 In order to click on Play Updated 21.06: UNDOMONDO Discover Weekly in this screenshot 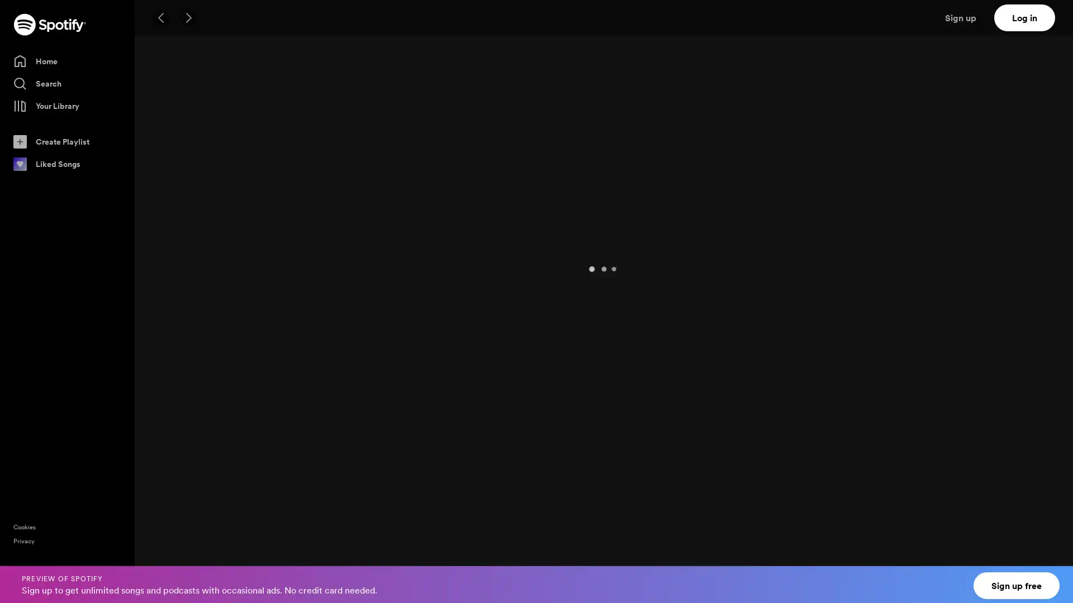, I will do `click(168, 219)`.